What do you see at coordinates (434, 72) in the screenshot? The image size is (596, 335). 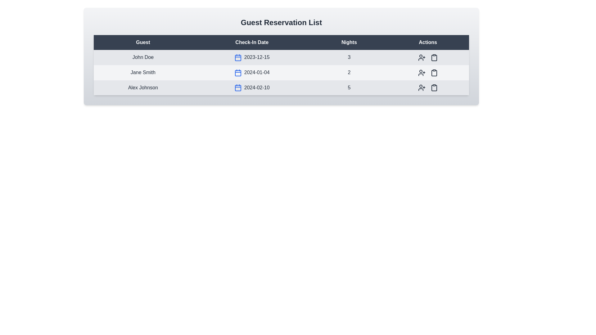 I see `the clipboard icon in the 'Actions' column of the second row in the guest reservation list` at bounding box center [434, 72].